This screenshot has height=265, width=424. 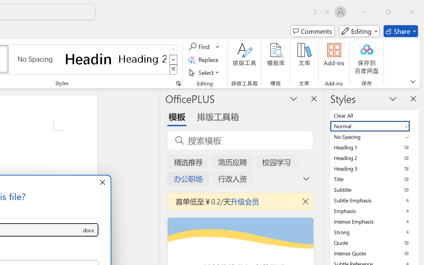 I want to click on 'Clear All', so click(x=374, y=115).